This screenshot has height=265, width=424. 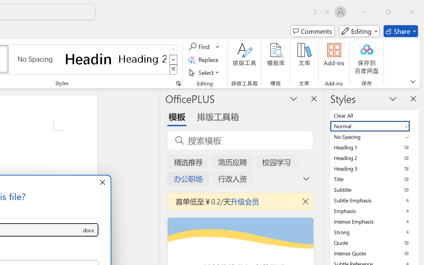 I want to click on 'Clear All', so click(x=374, y=115).